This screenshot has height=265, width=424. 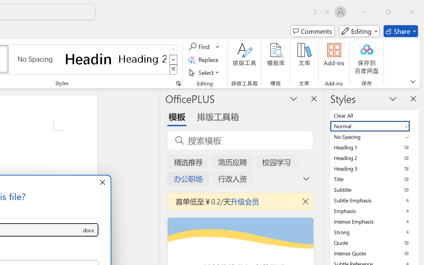 I want to click on 'Clear All', so click(x=374, y=115).